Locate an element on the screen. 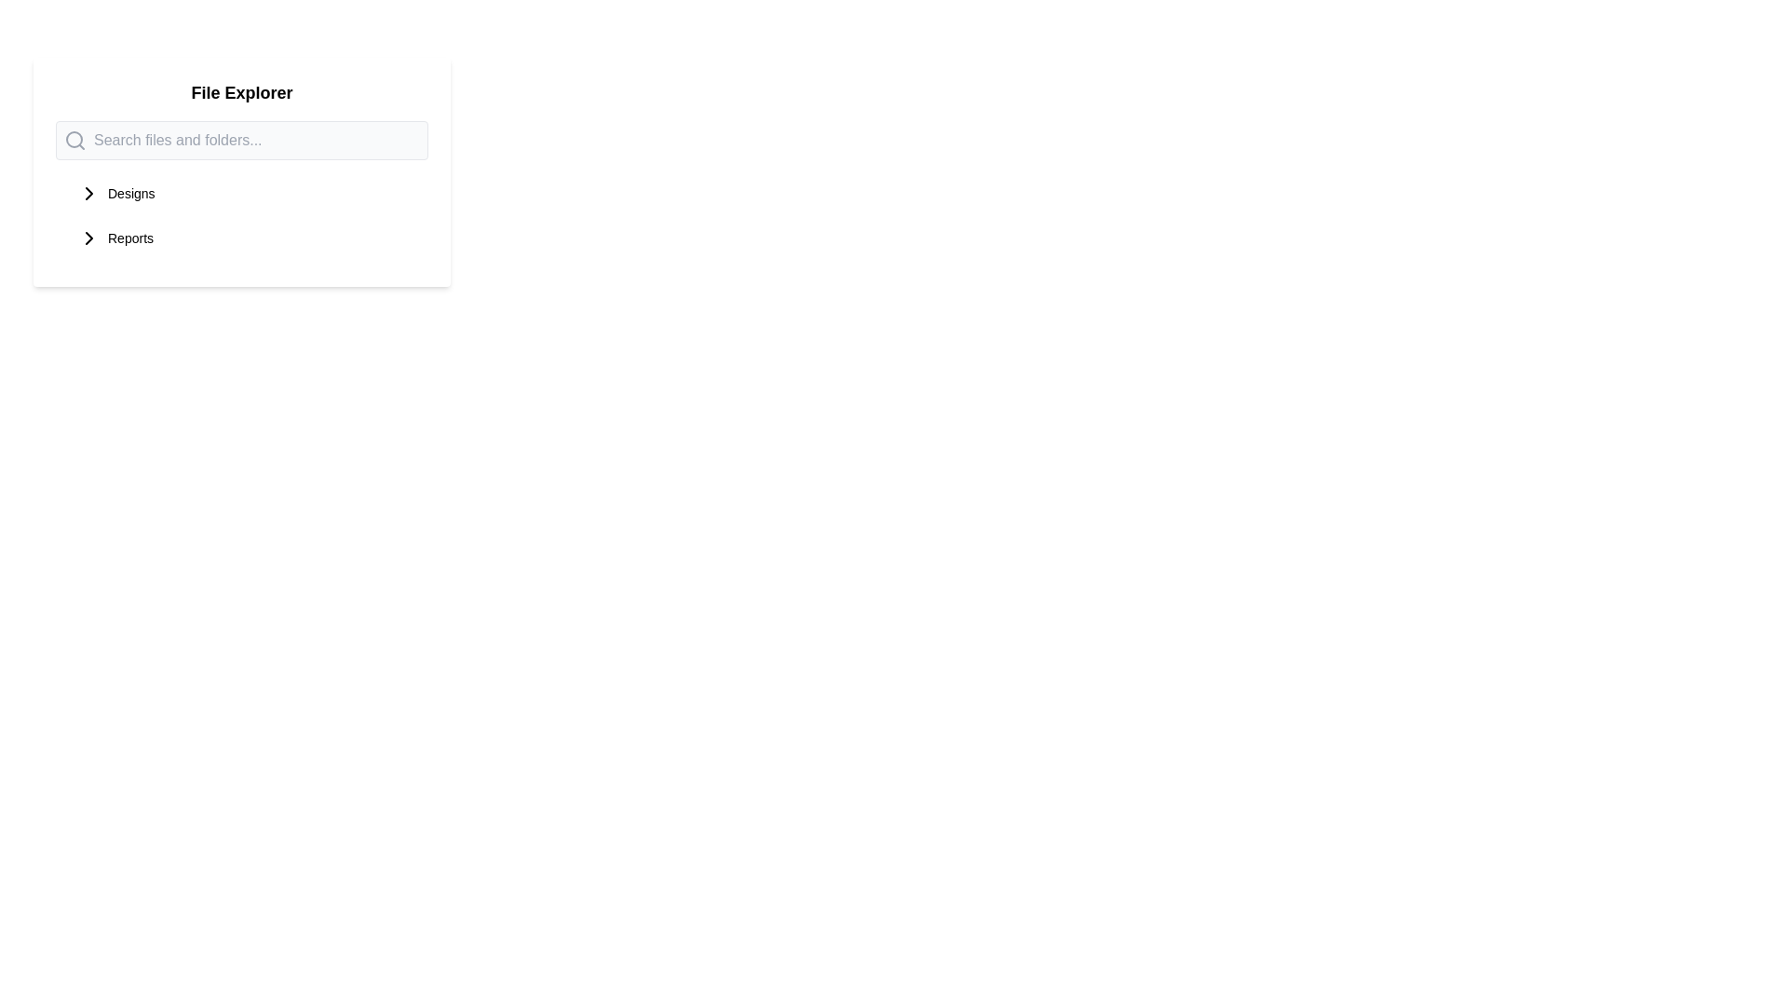  the 'Reports' text label in the file navigation menu is located at coordinates (129, 237).